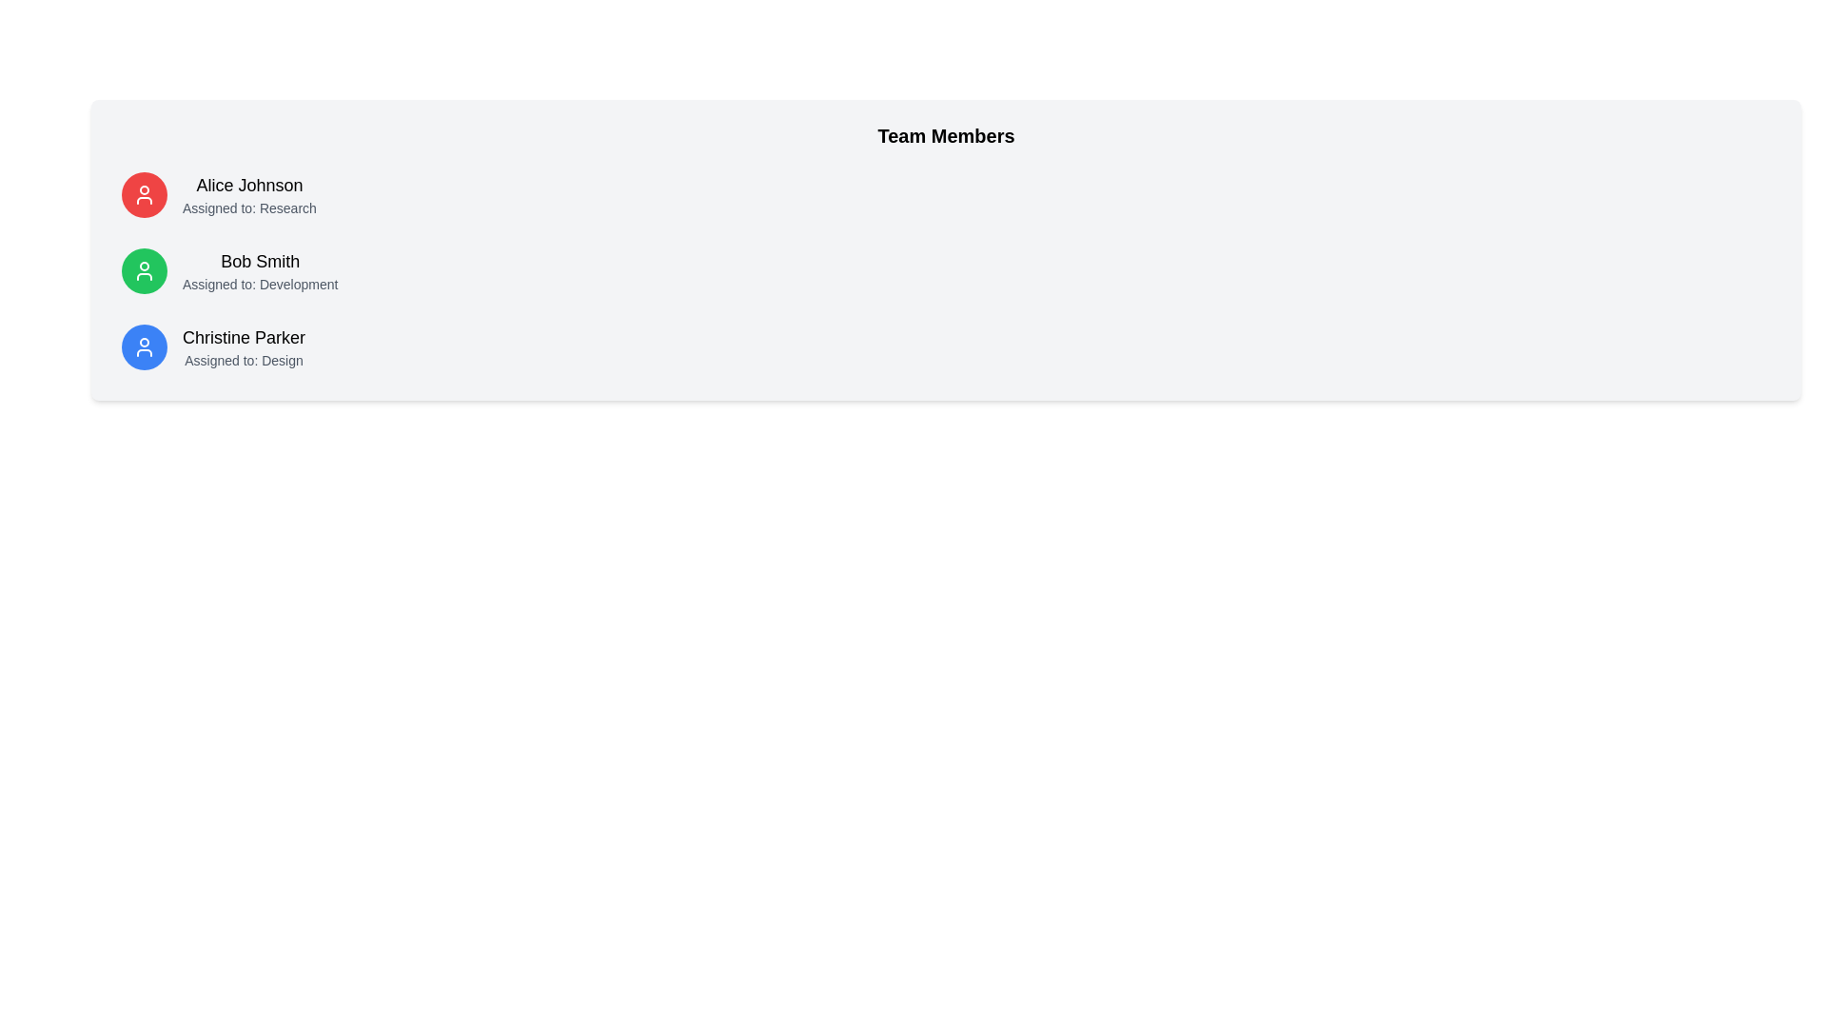 The image size is (1827, 1028). What do you see at coordinates (259, 285) in the screenshot?
I see `the text label that displays 'Assigned to: Development', which is styled with a smaller font size and light gray color, located directly below 'Bob Smith' in the 'Team Members' list` at bounding box center [259, 285].